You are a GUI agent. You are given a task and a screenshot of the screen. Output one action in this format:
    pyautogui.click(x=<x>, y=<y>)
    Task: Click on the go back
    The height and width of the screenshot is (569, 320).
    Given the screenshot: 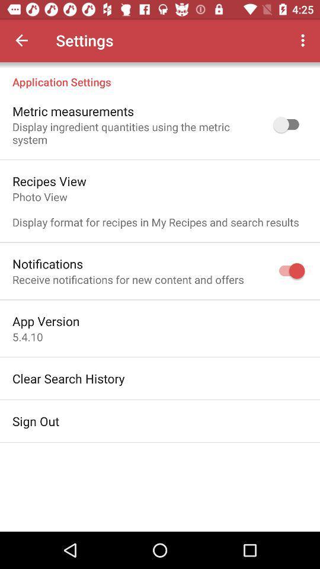 What is the action you would take?
    pyautogui.click(x=21, y=40)
    